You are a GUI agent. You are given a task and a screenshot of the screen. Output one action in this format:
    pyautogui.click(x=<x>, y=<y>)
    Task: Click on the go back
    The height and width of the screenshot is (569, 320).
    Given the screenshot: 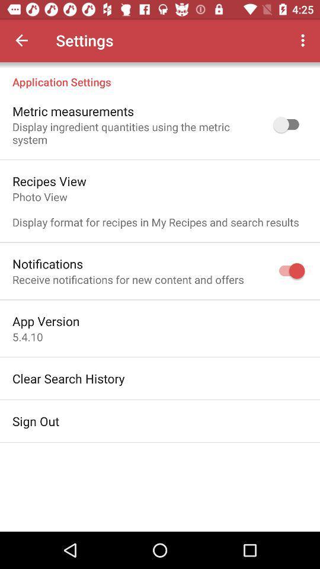 What is the action you would take?
    pyautogui.click(x=21, y=40)
    